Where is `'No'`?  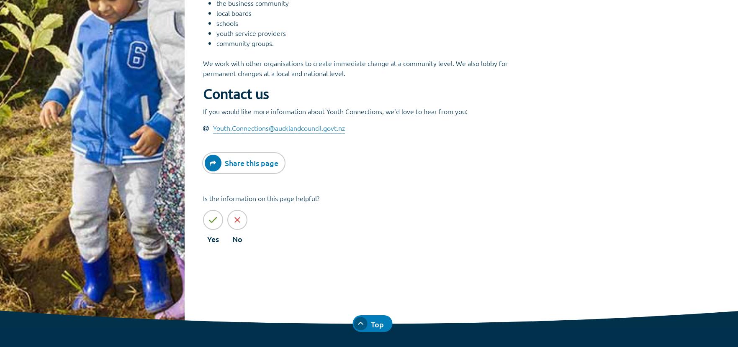
'No' is located at coordinates (237, 238).